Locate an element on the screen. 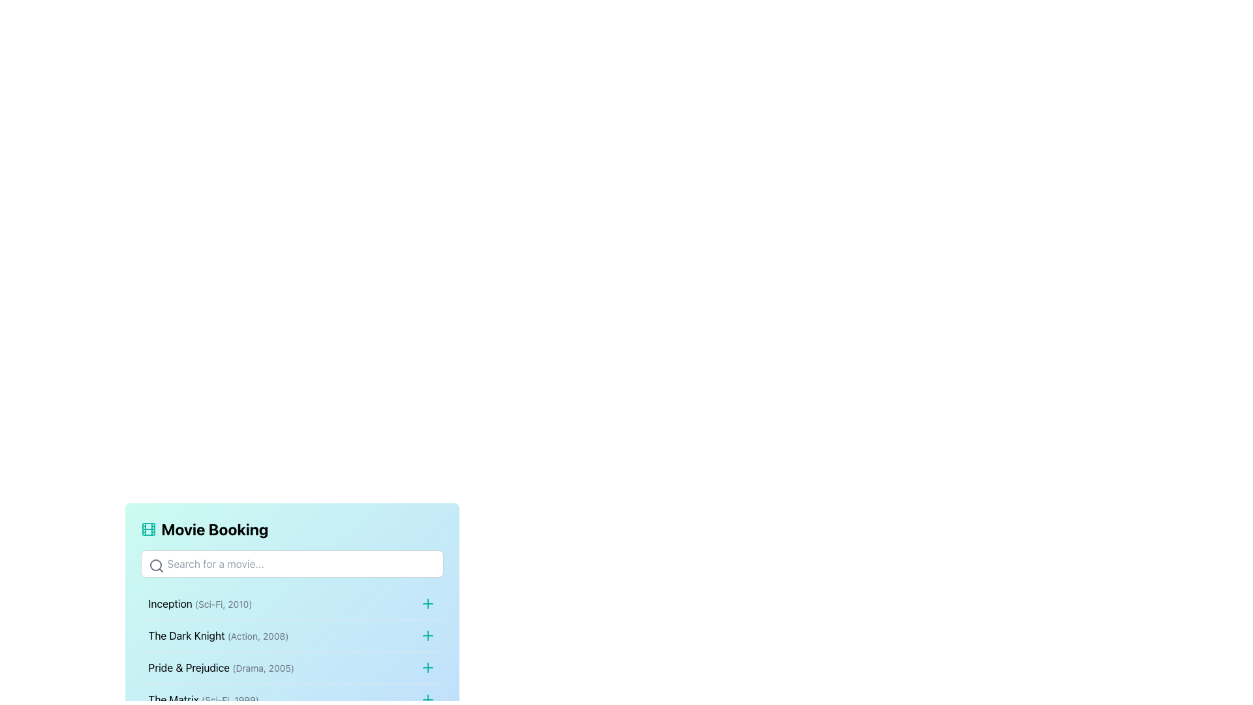 Image resolution: width=1253 pixels, height=705 pixels. the input field adjacent to the search icon located at the top left of the search input box is located at coordinates (156, 565).